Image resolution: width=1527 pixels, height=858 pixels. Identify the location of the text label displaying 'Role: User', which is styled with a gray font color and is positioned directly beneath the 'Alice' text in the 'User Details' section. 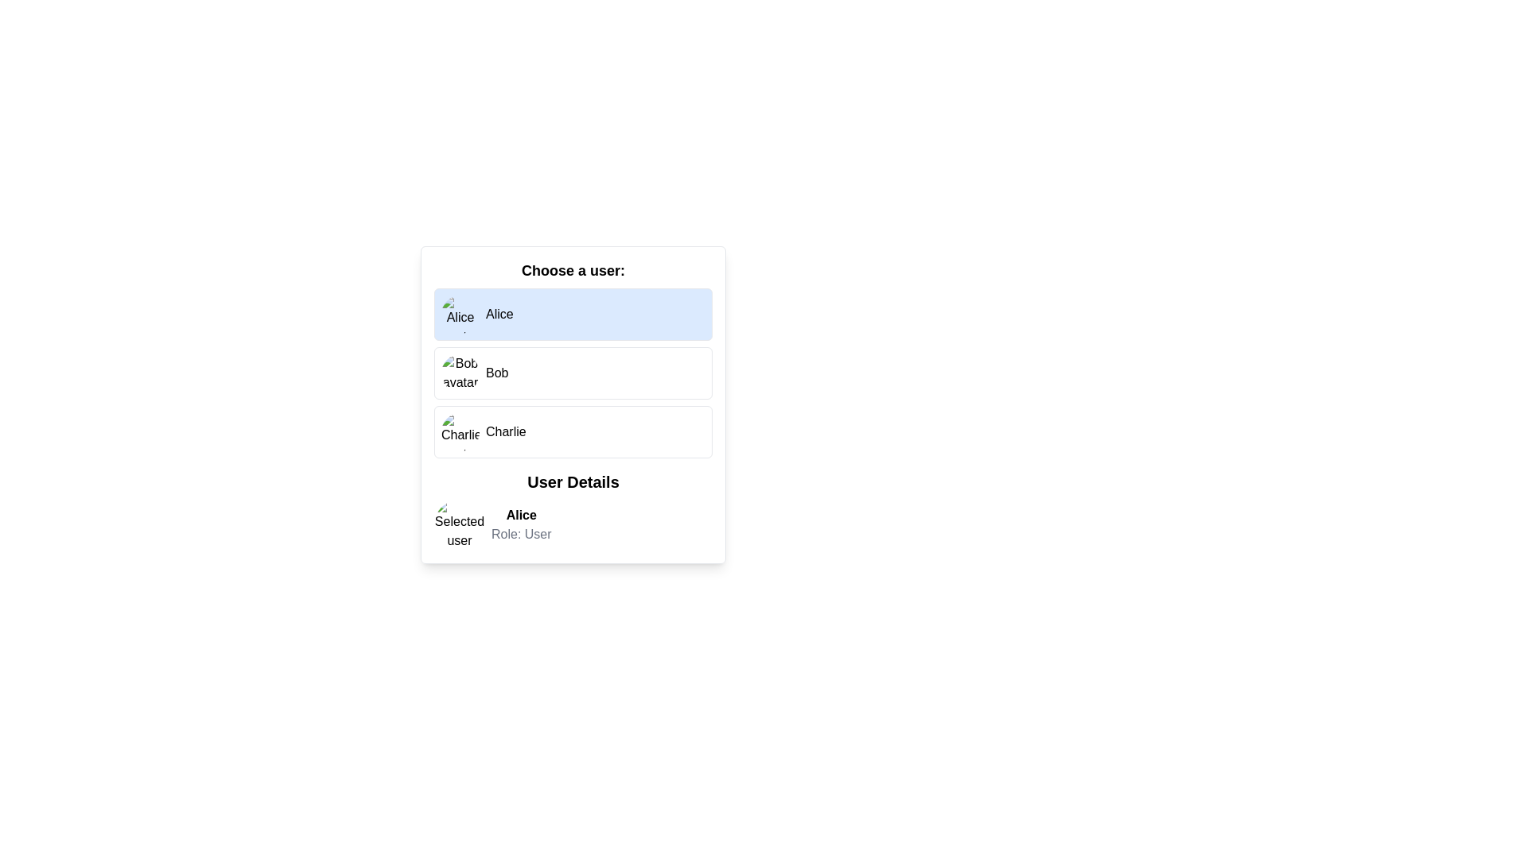
(521, 534).